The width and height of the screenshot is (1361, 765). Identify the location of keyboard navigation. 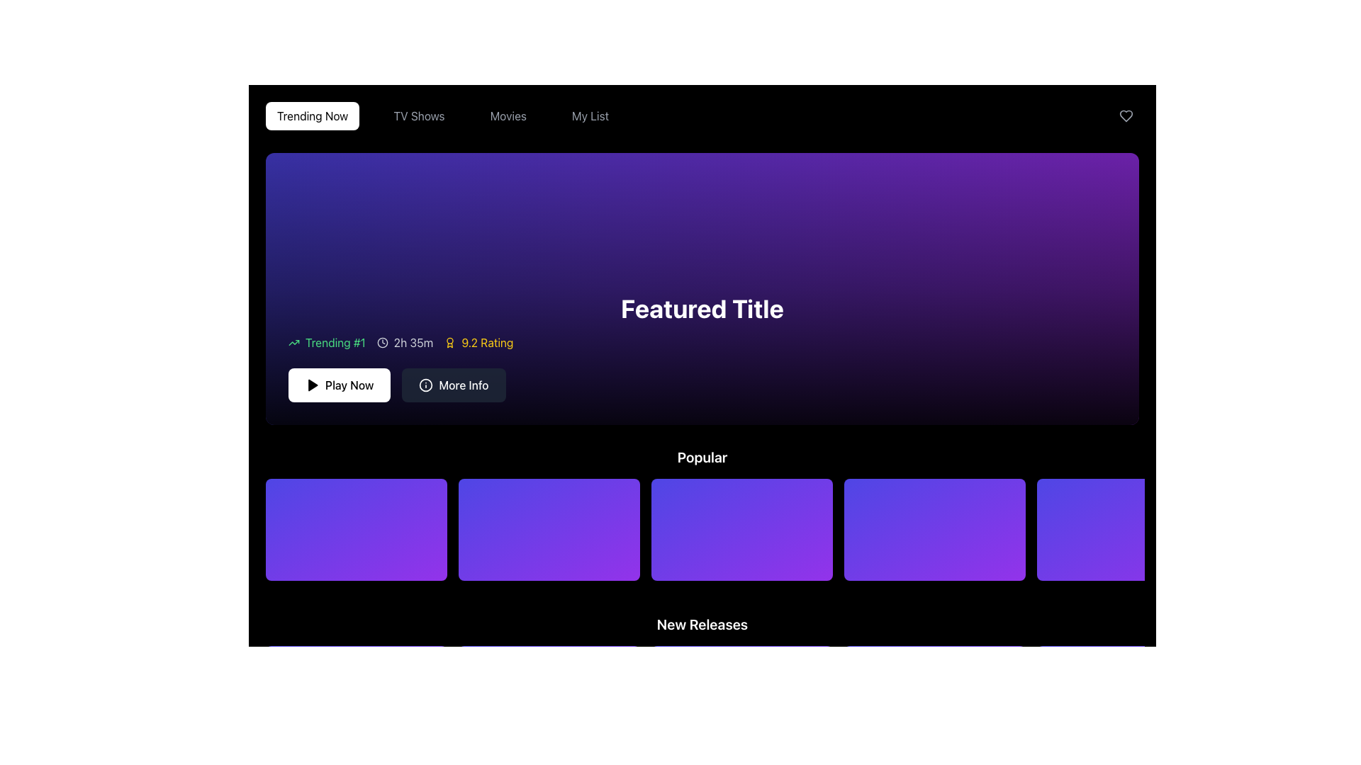
(454, 385).